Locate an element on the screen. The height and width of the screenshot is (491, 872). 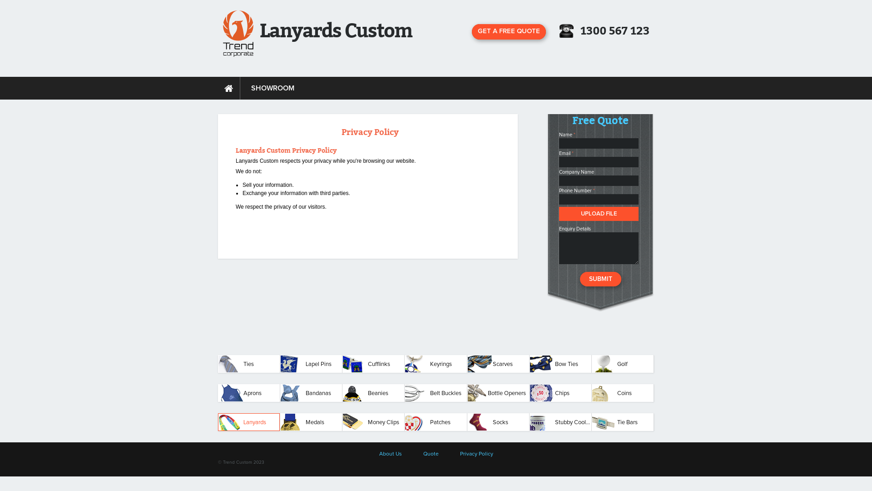
'Money Clips' is located at coordinates (373, 422).